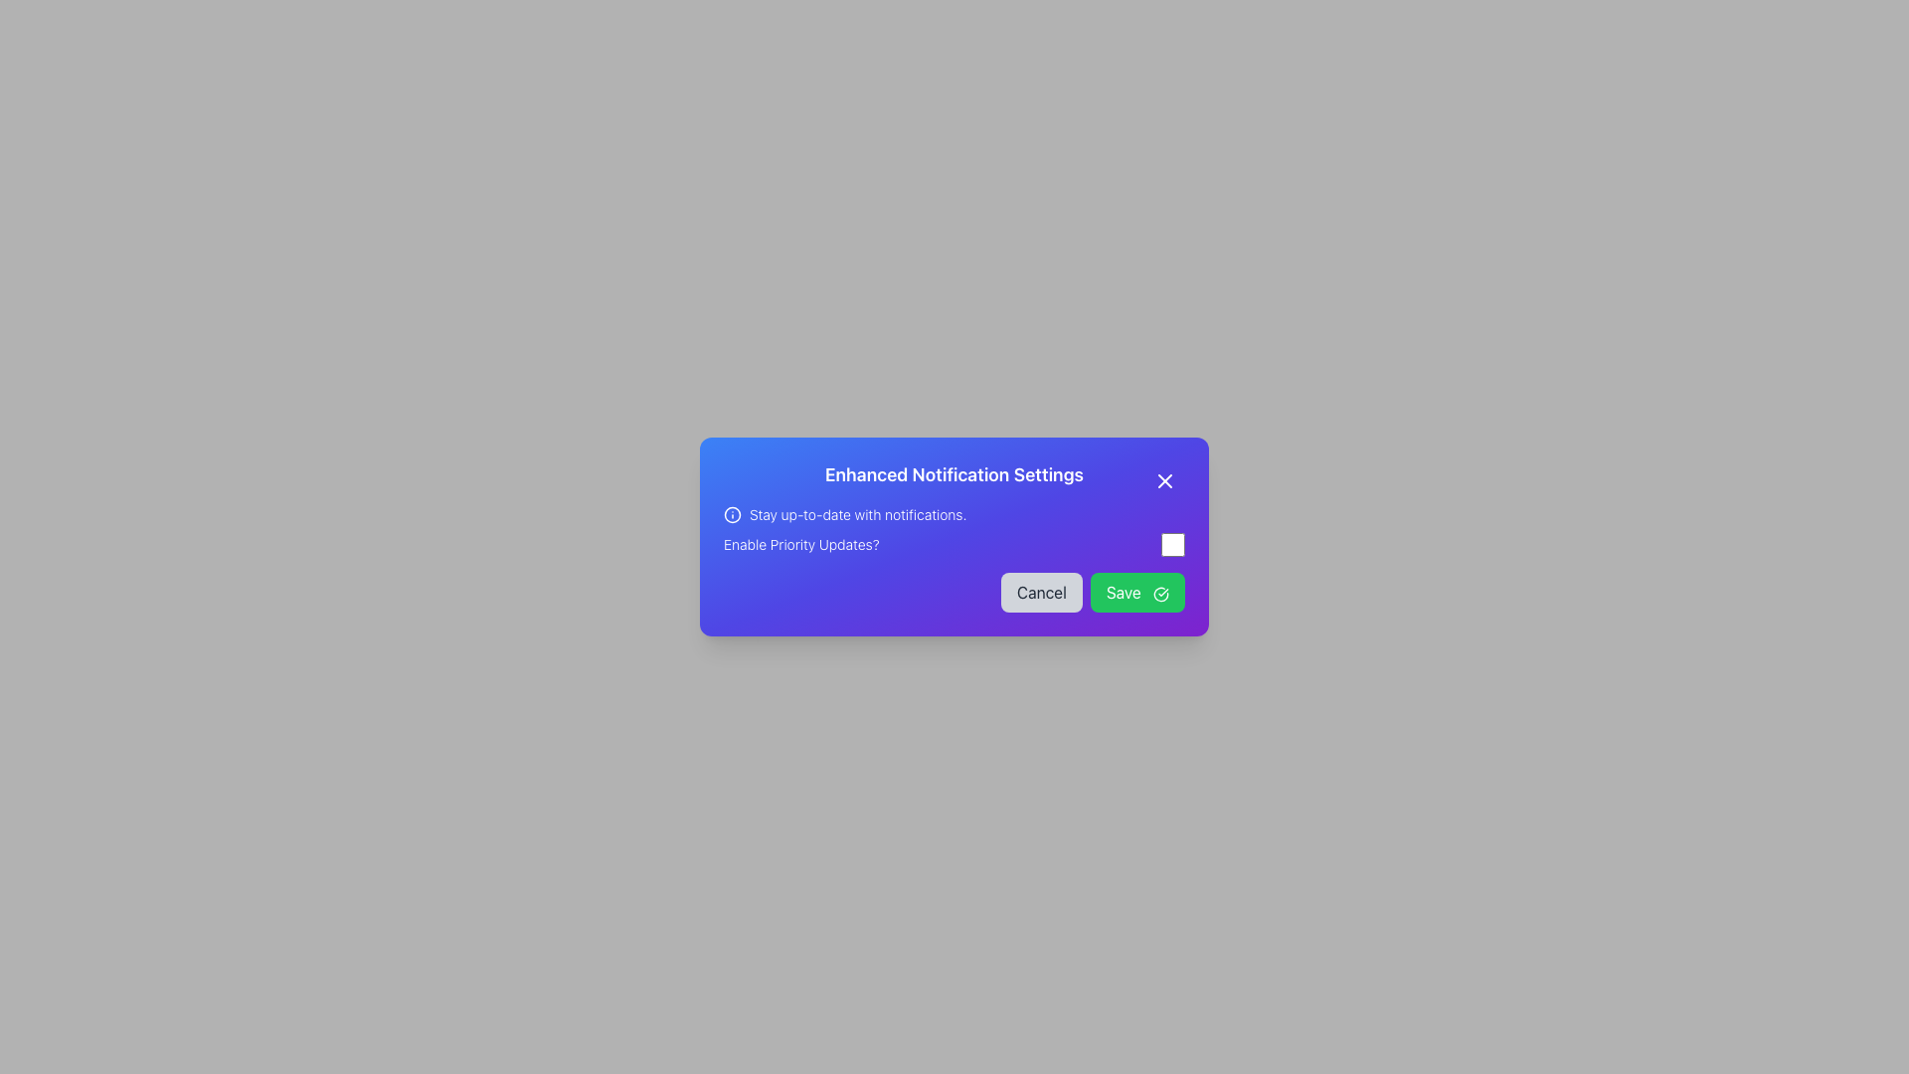 Image resolution: width=1909 pixels, height=1074 pixels. I want to click on the checkbox located to the right of the text 'Enable Priority Updates?', so click(1173, 544).